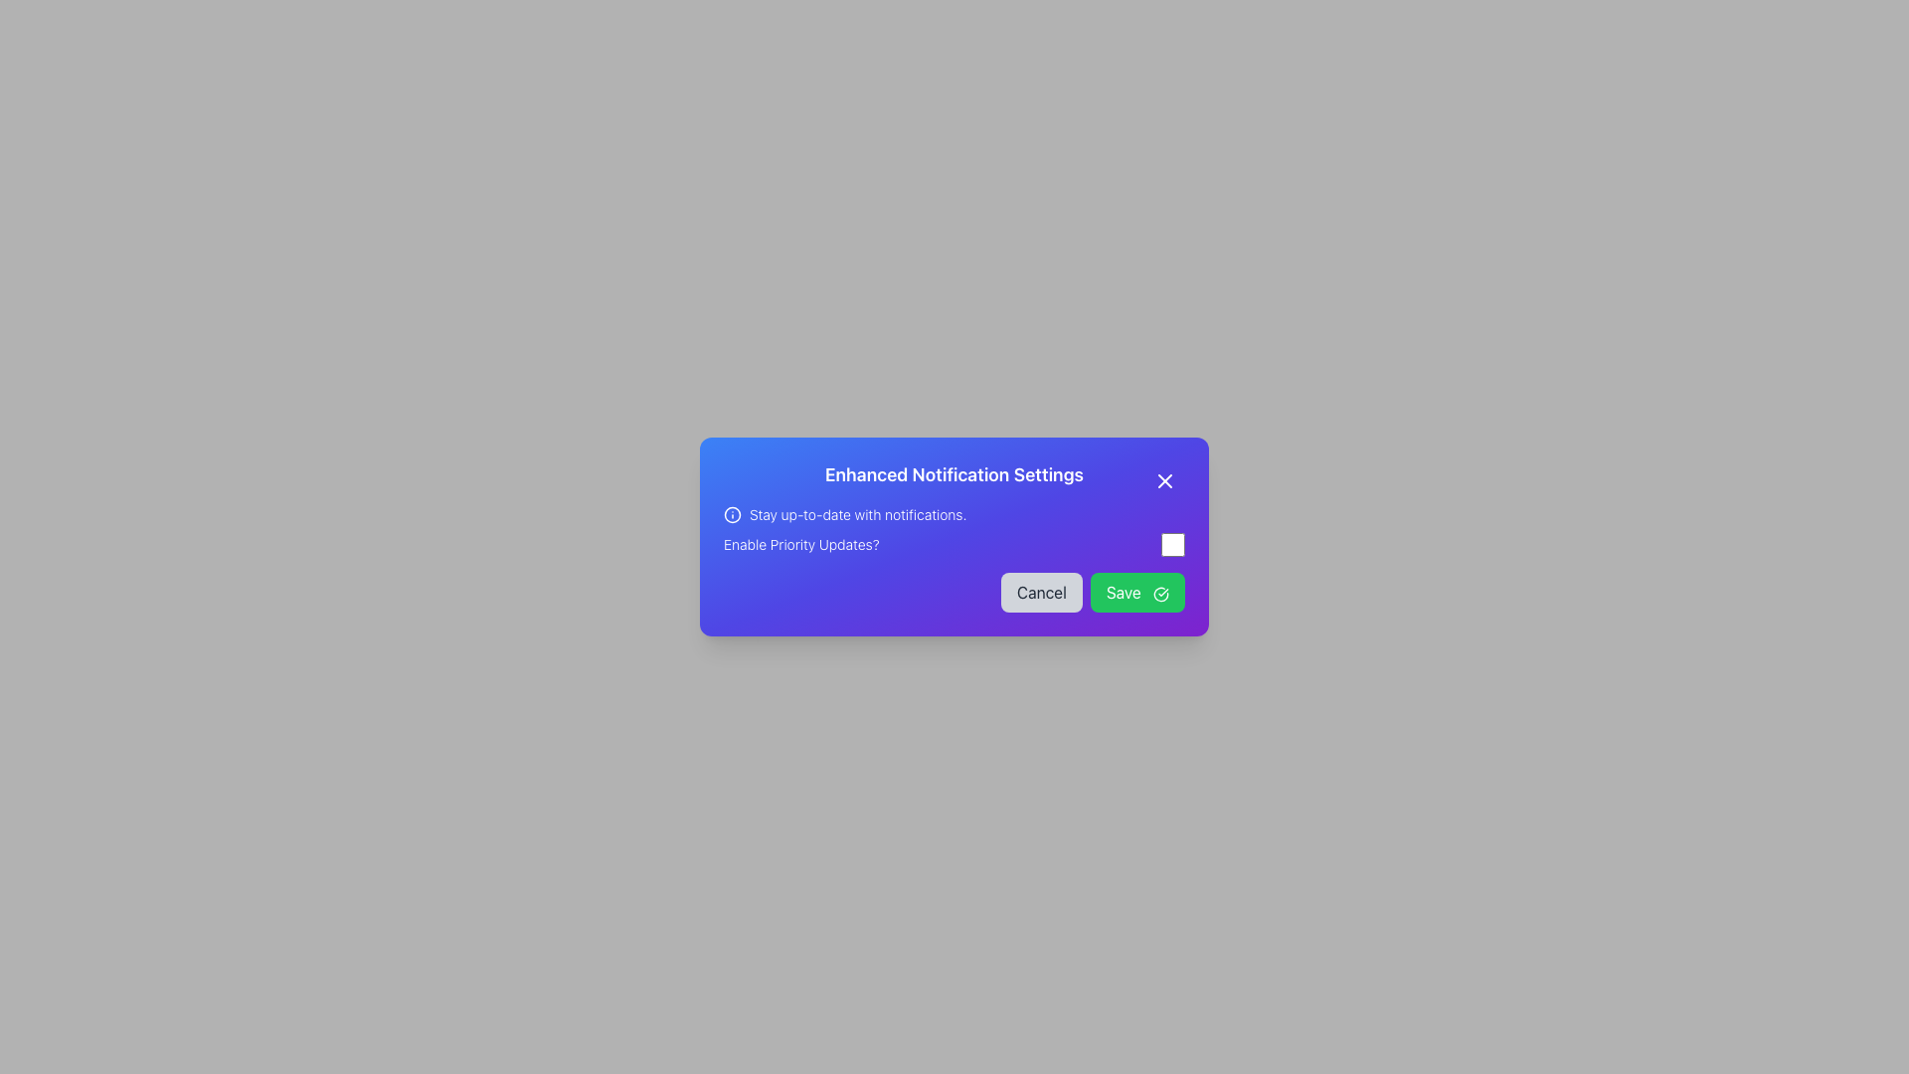 Image resolution: width=1909 pixels, height=1074 pixels. I want to click on the checkbox located to the right of the text 'Enable Priority Updates?', so click(1173, 544).